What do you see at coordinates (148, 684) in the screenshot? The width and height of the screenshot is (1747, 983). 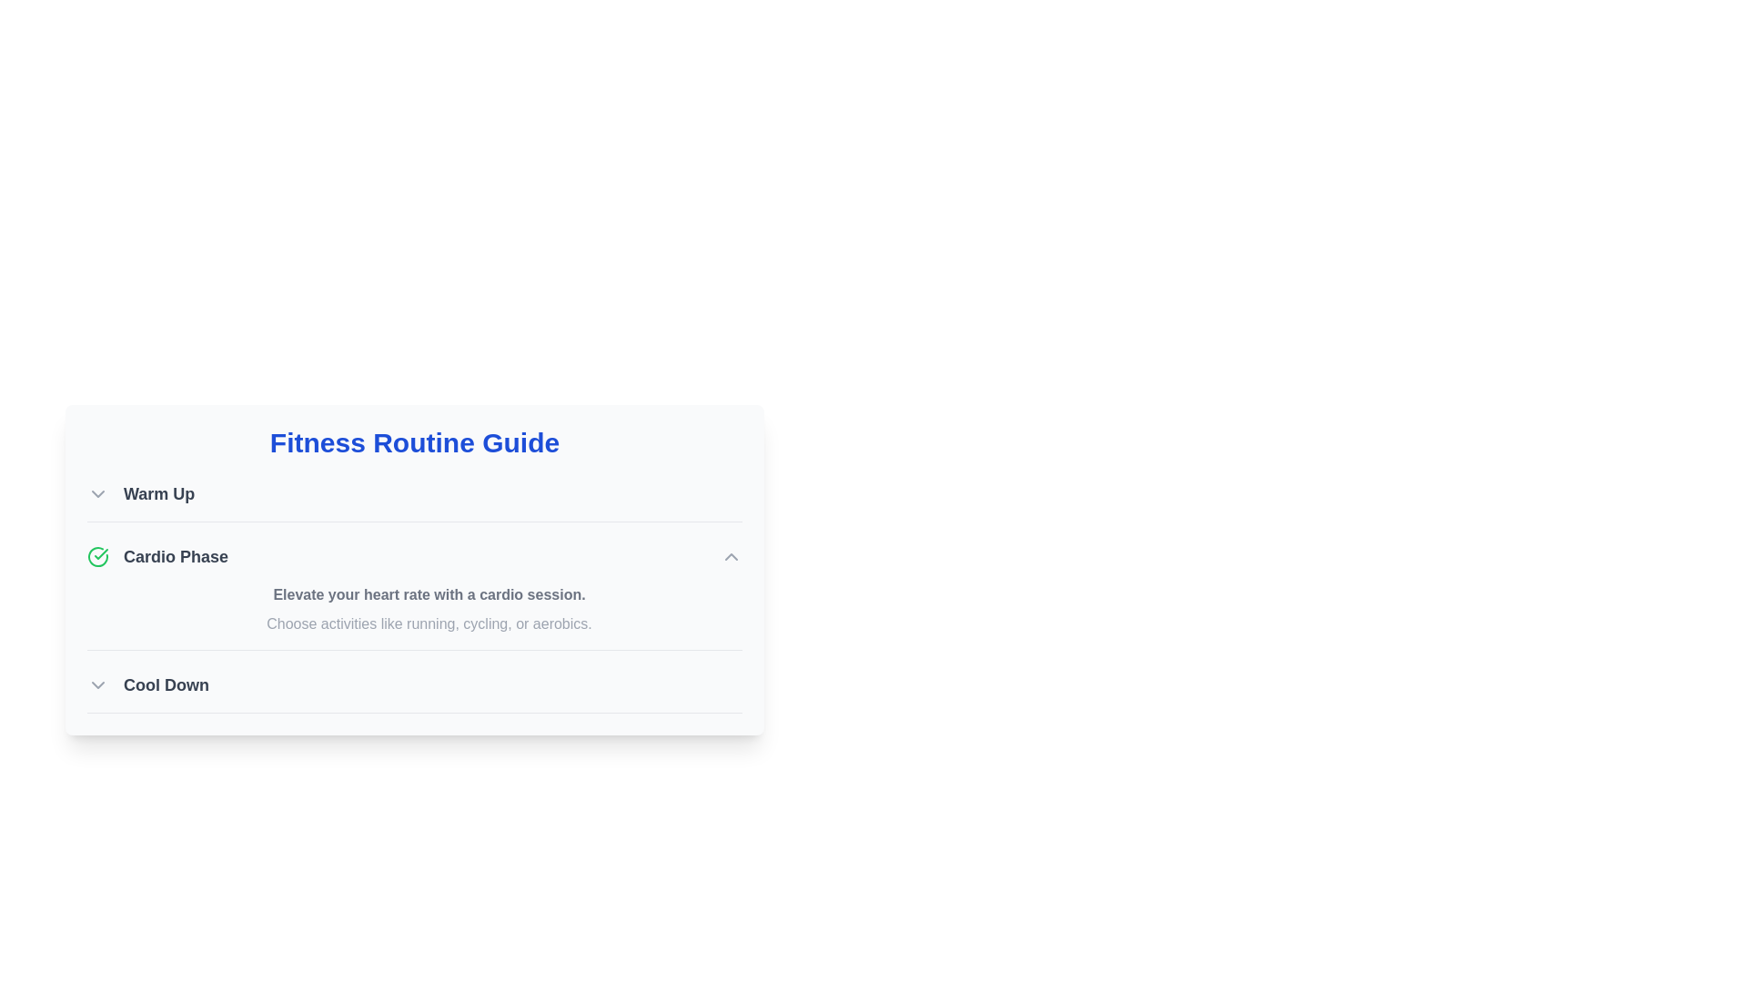 I see `the 'Cool Down' Collapsible Section Header, which is styled in bold dark gray and features a downward chevron icon` at bounding box center [148, 684].